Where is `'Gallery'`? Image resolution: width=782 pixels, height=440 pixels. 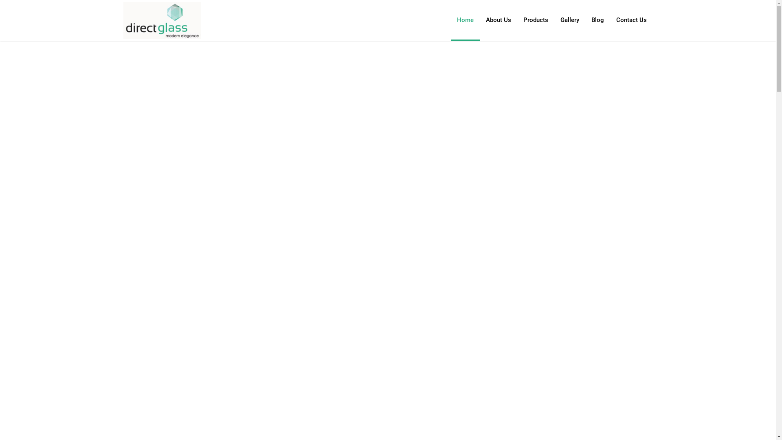
'Gallery' is located at coordinates (569, 20).